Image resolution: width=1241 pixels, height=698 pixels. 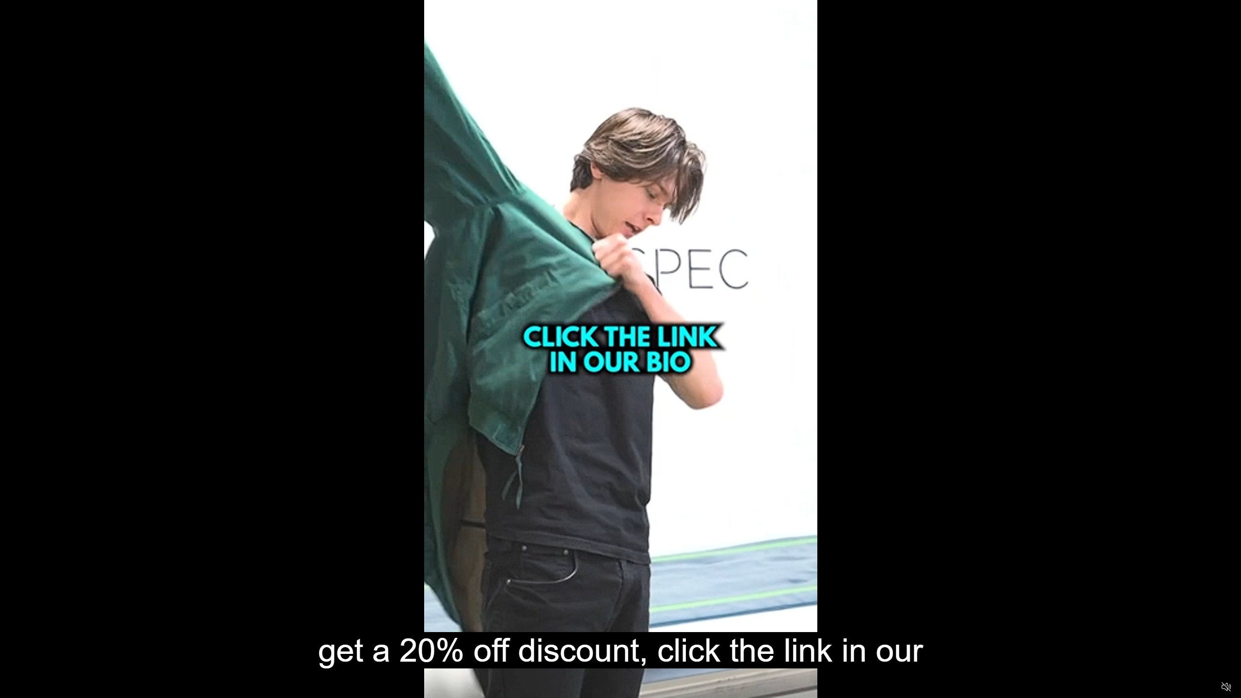 I want to click on 'Captions', so click(x=1188, y=687).